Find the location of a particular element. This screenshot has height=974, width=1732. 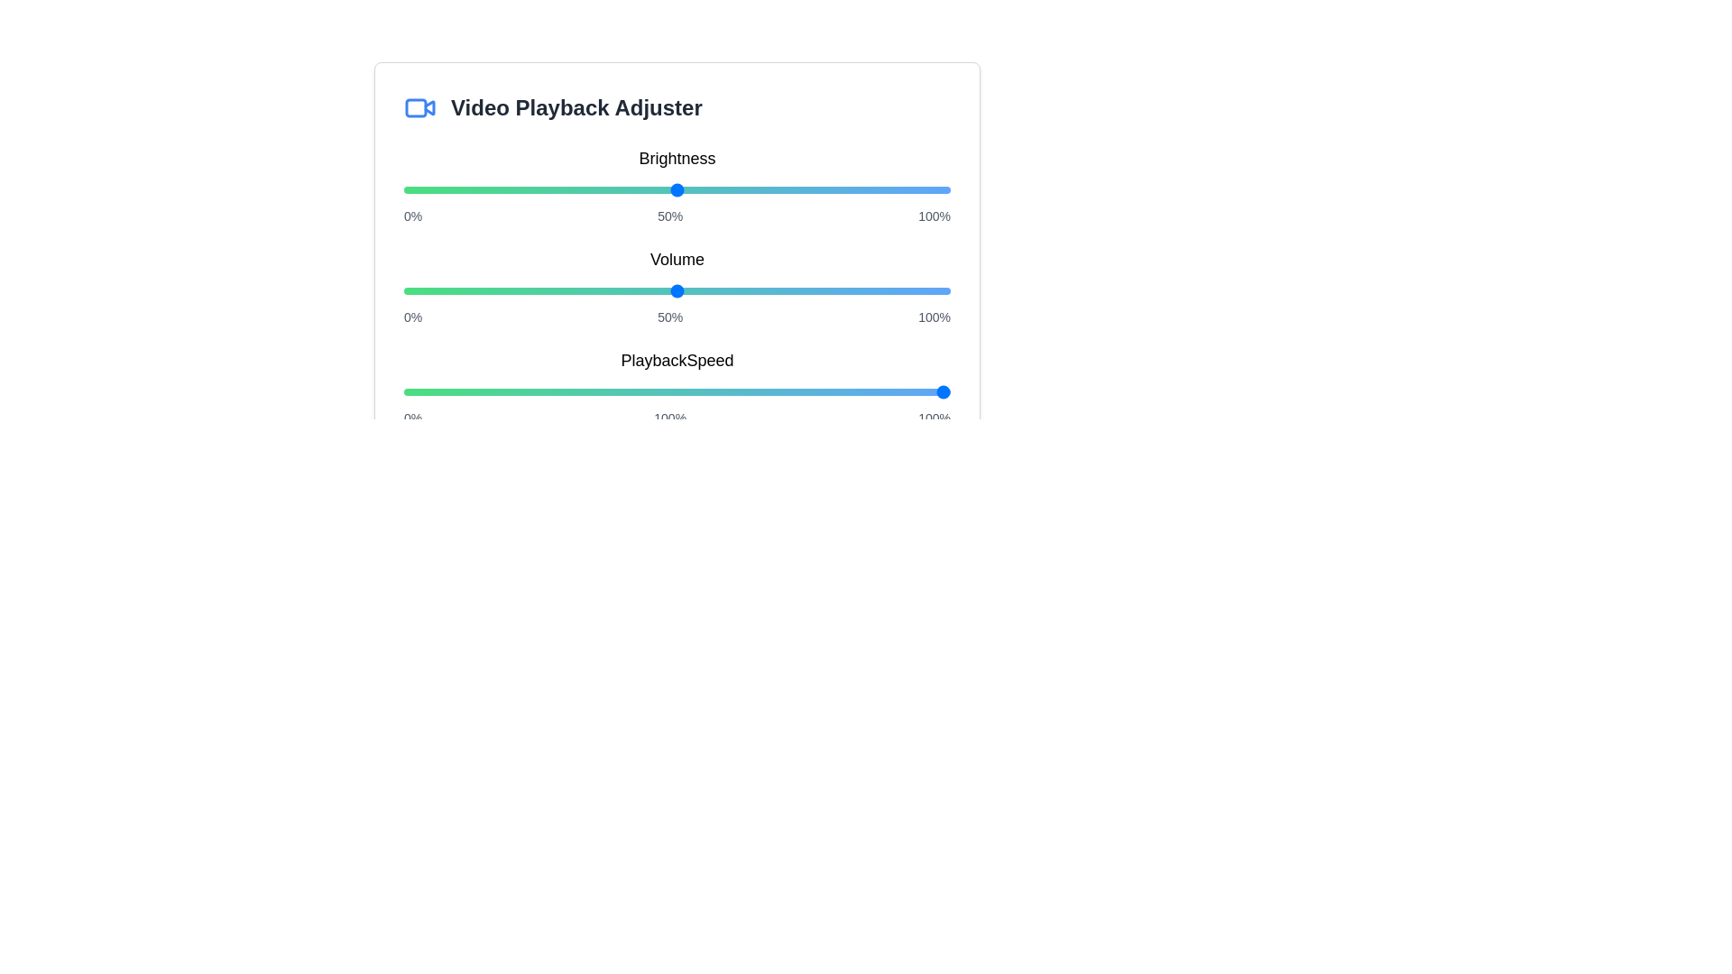

the brightness slider to 25% is located at coordinates (539, 190).